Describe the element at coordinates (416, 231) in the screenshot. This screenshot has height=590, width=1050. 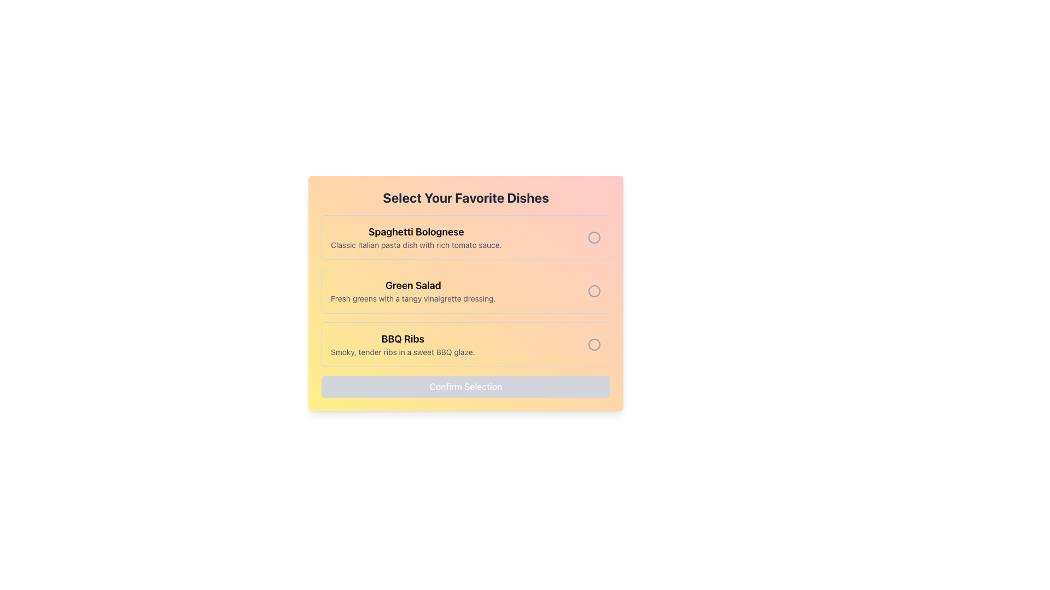
I see `text from the Text Label that serves as the title for the associated option, positioned centrally in the upper half of the layout` at that location.